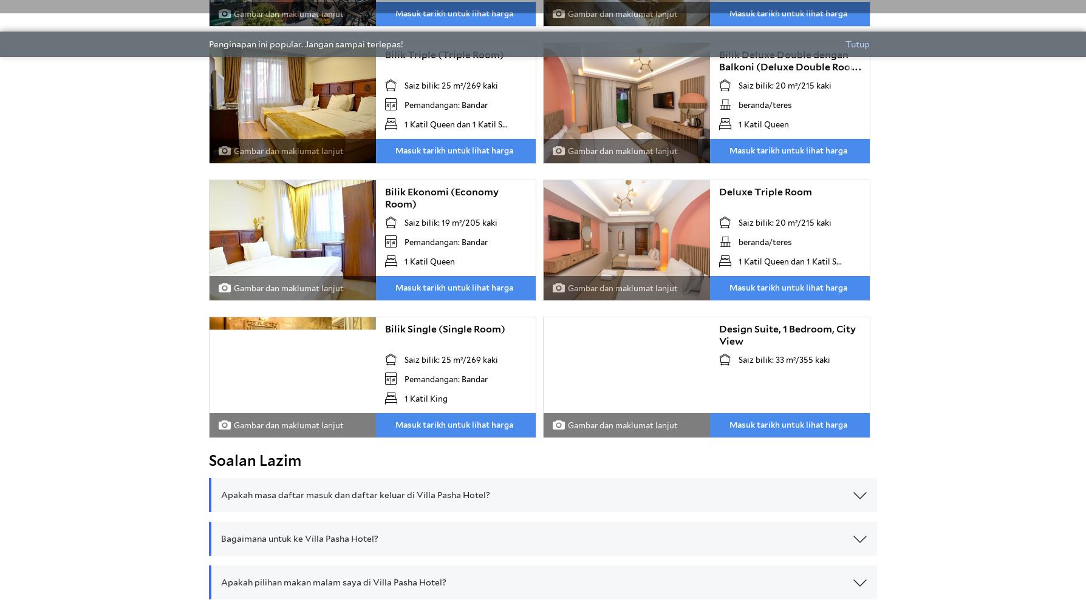 The image size is (1086, 600). I want to click on '...', so click(851, 66).